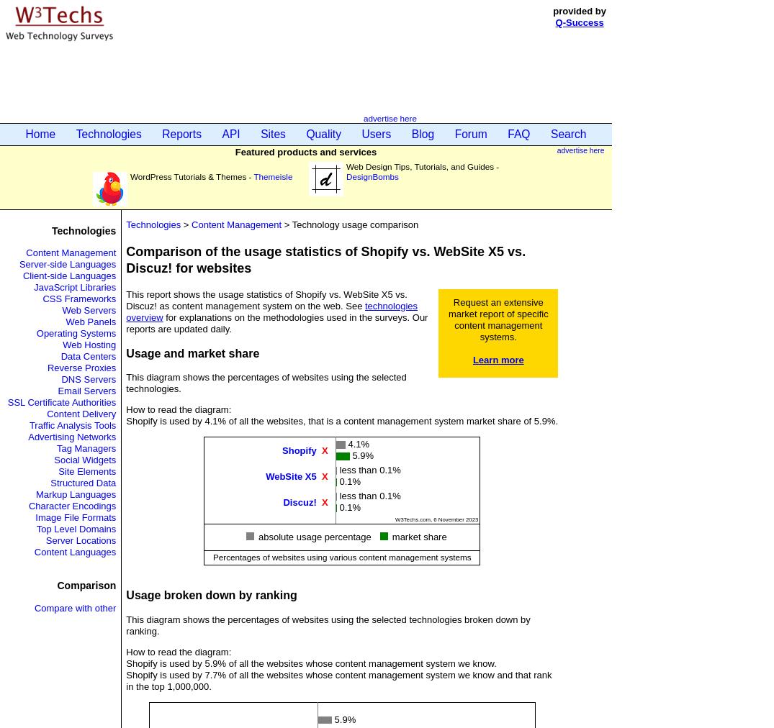 This screenshot has width=774, height=728. Describe the element at coordinates (35, 494) in the screenshot. I see `'Markup Languages'` at that location.